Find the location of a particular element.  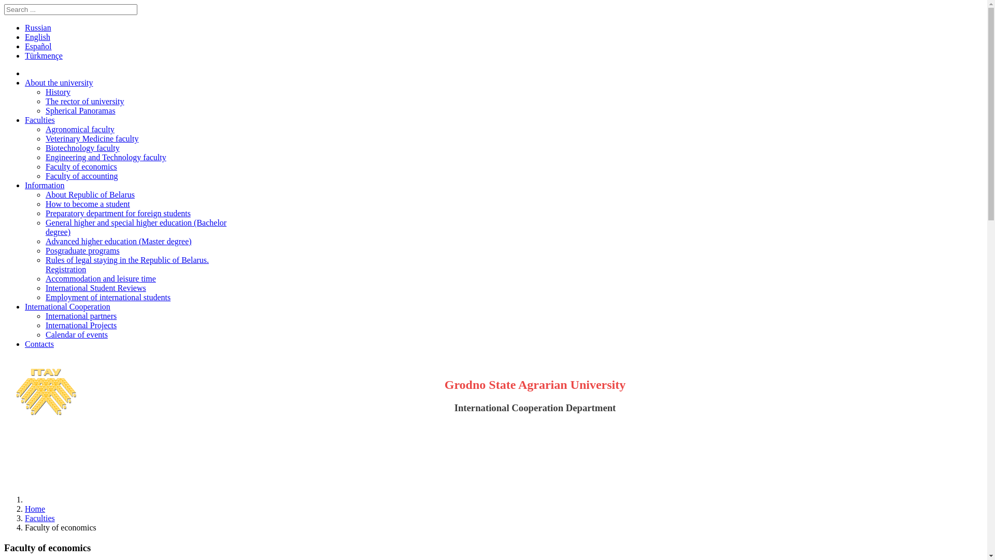

'Veterinary Medicine faculty' is located at coordinates (92, 138).